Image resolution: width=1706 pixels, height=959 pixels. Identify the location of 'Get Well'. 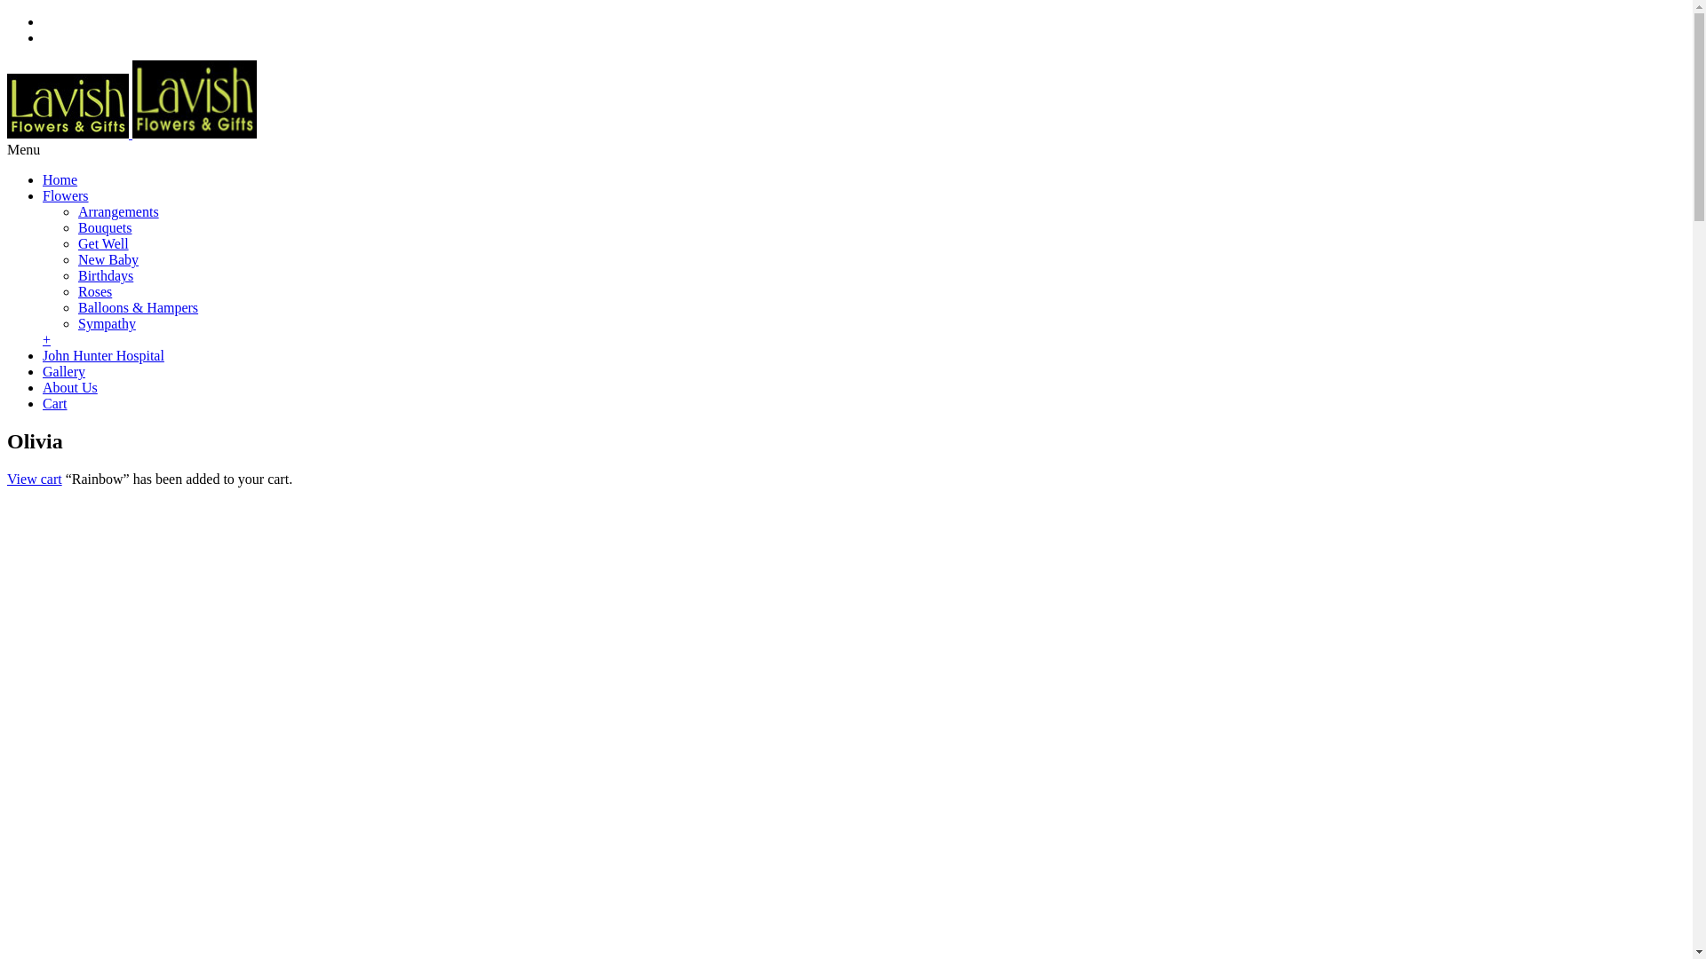
(102, 243).